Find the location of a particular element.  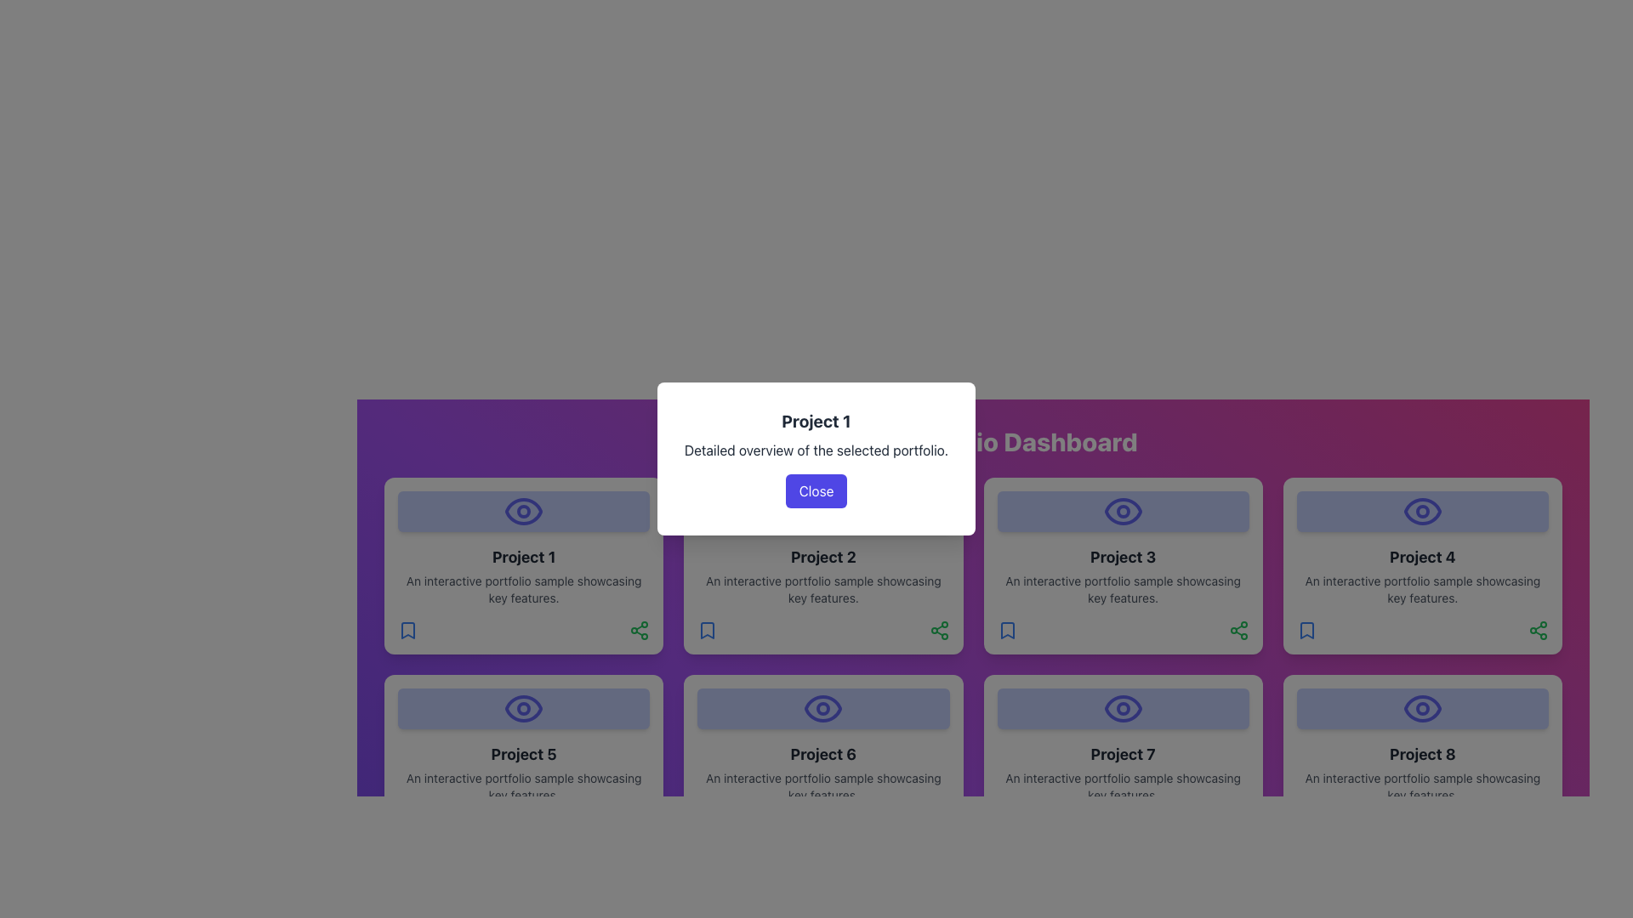

the icon representing the details of the 'Project 7' card, located in the upper section of the card, centered horizontally, in the bottom row of project cards is located at coordinates (1123, 708).